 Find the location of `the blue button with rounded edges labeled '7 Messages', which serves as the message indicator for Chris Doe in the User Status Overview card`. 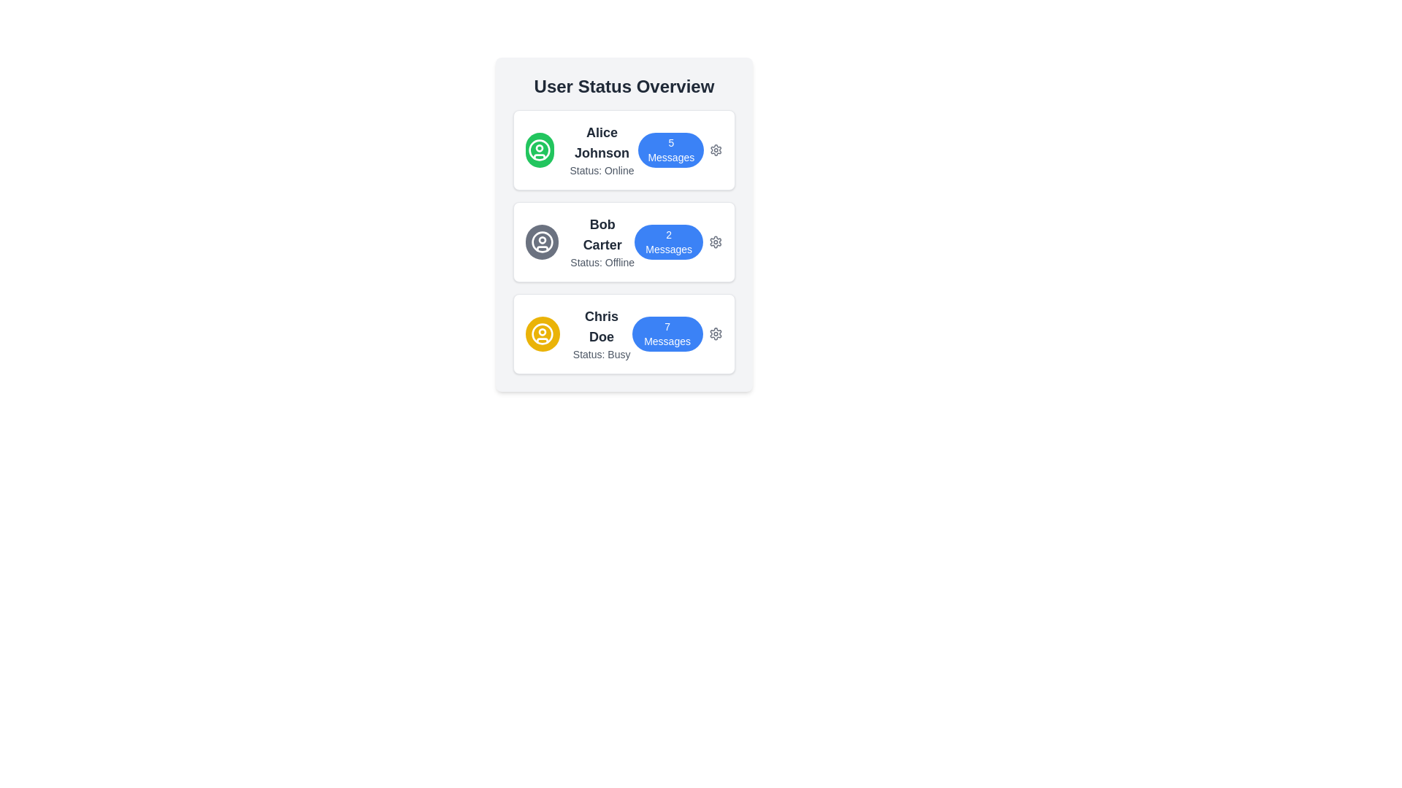

the blue button with rounded edges labeled '7 Messages', which serves as the message indicator for Chris Doe in the User Status Overview card is located at coordinates (667, 334).